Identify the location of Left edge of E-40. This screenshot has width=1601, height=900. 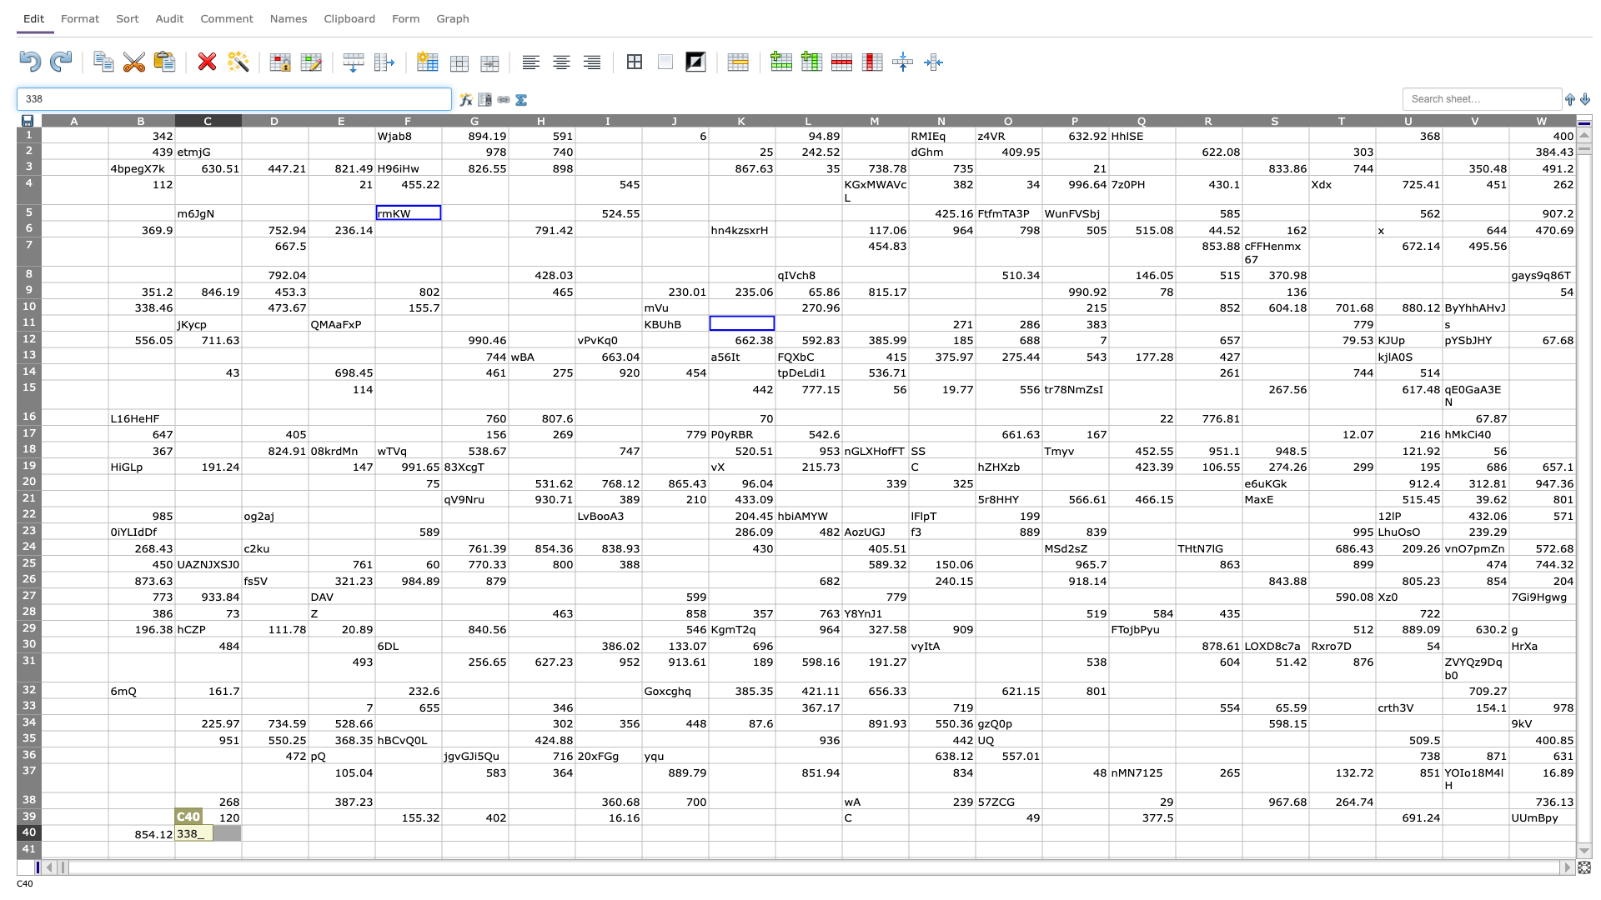
(308, 832).